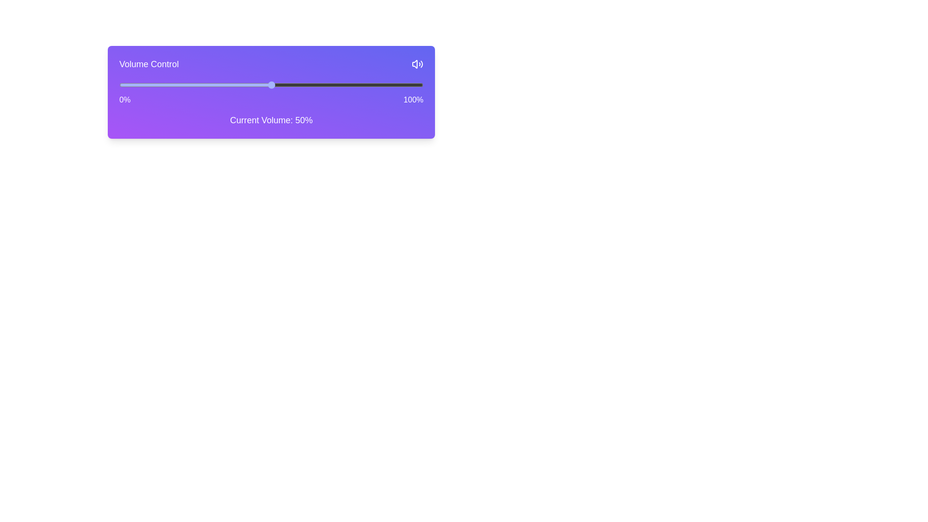 The width and height of the screenshot is (928, 522). Describe the element at coordinates (413, 100) in the screenshot. I see `the textual label displaying '100%' in white font on a purple background, which indicates a maximum value associated with a slider or progress bar` at that location.